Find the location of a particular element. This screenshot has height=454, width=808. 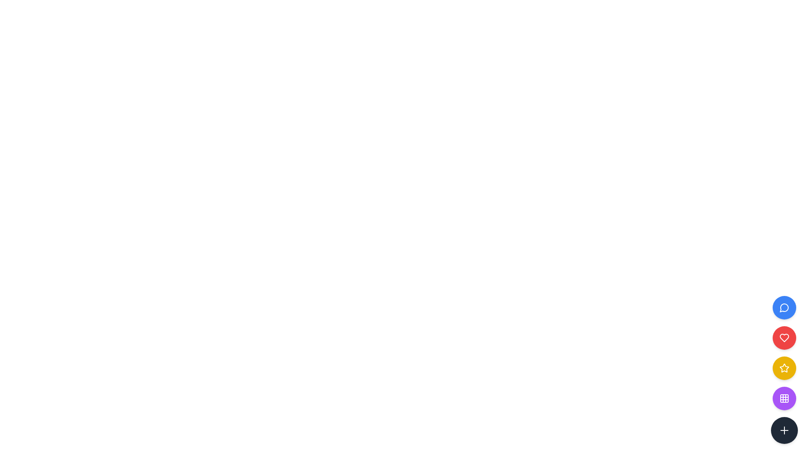

the circular red button with a white heart icon to trigger the color change effect is located at coordinates (784, 337).